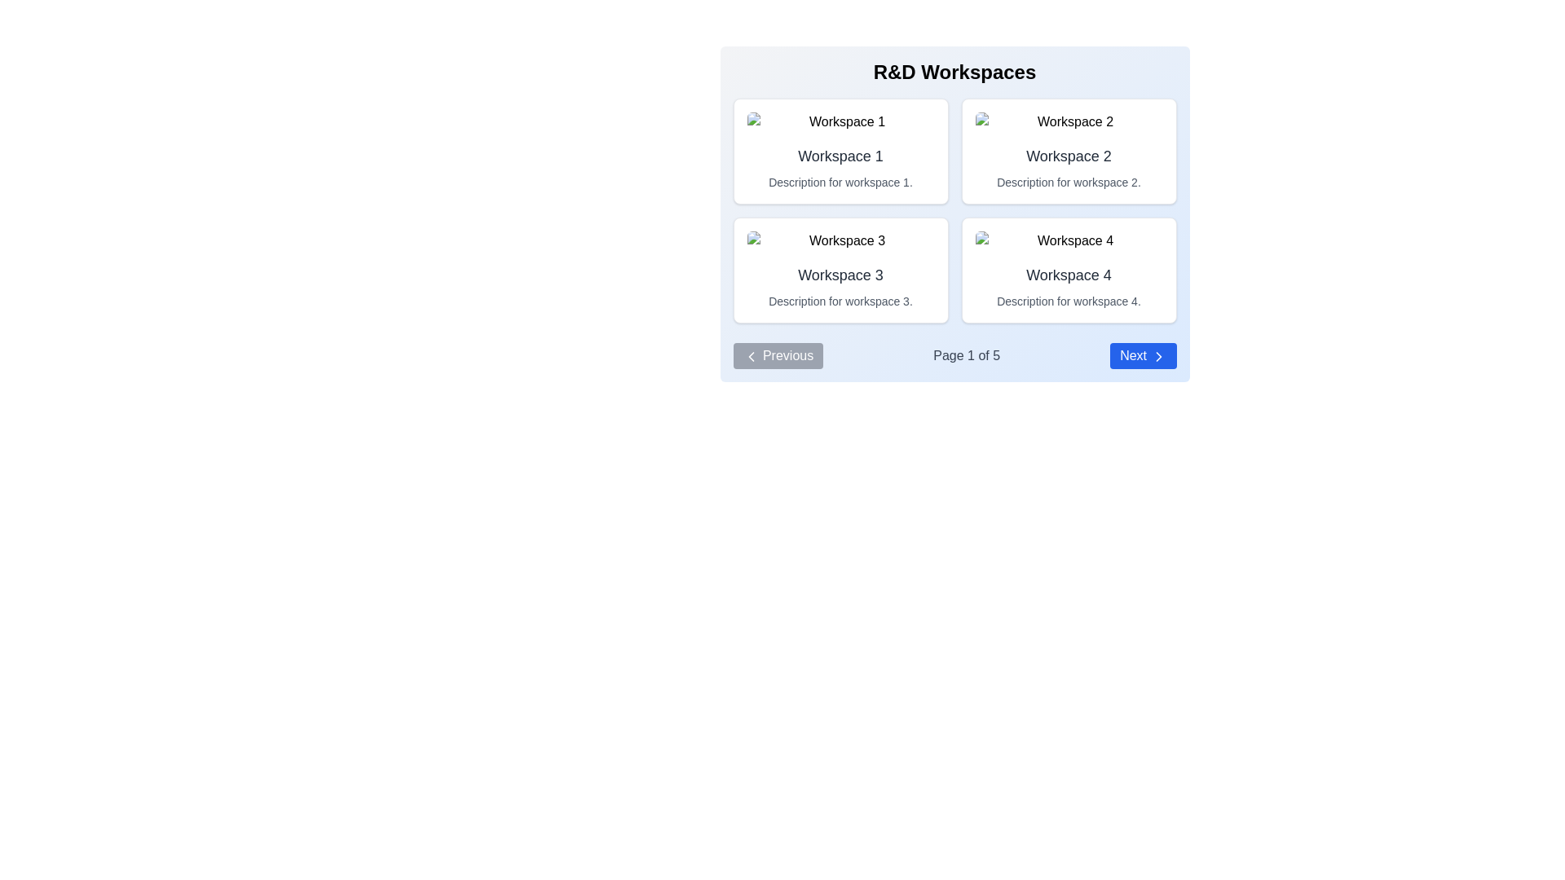  What do you see at coordinates (840, 182) in the screenshot?
I see `the Text label that reads 'Description for workspace 1.' located below 'Workspace 1' in the first card of a two-by-two grid` at bounding box center [840, 182].